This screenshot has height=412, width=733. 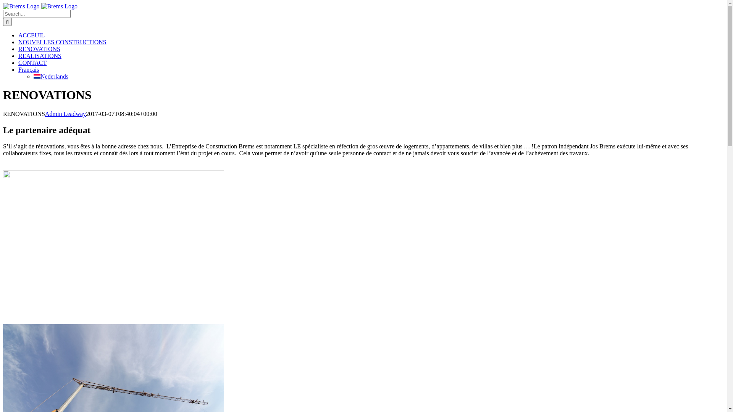 What do you see at coordinates (50, 76) in the screenshot?
I see `'Nederlands'` at bounding box center [50, 76].